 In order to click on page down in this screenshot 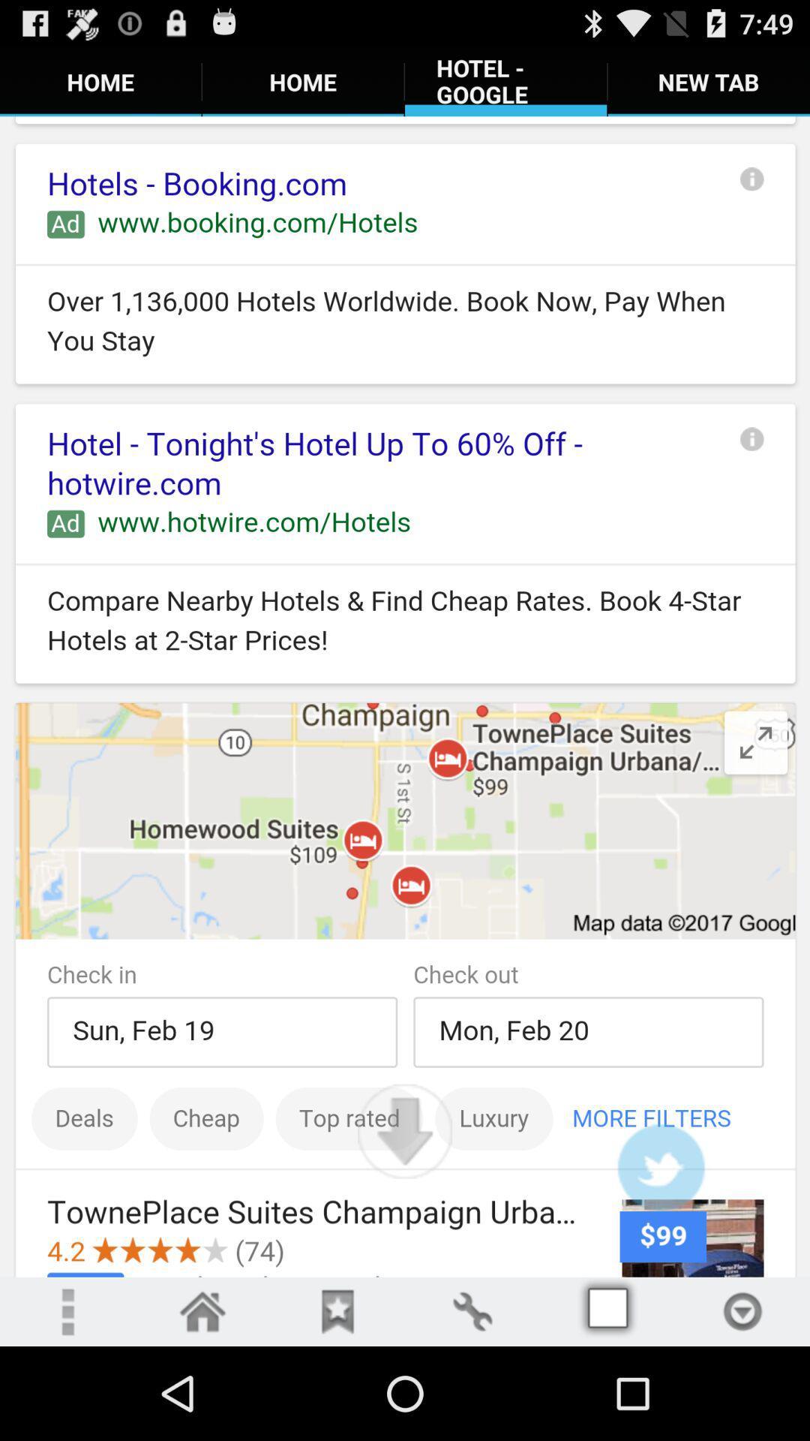, I will do `click(405, 1131)`.